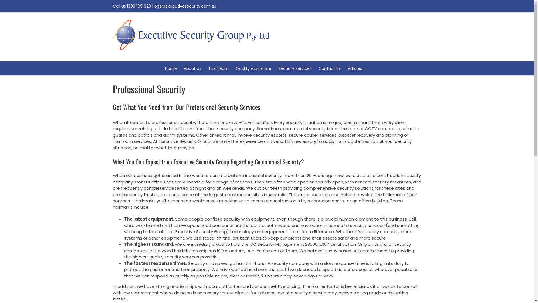 This screenshot has width=538, height=303. Describe the element at coordinates (192, 68) in the screenshot. I see `'About Us'` at that location.